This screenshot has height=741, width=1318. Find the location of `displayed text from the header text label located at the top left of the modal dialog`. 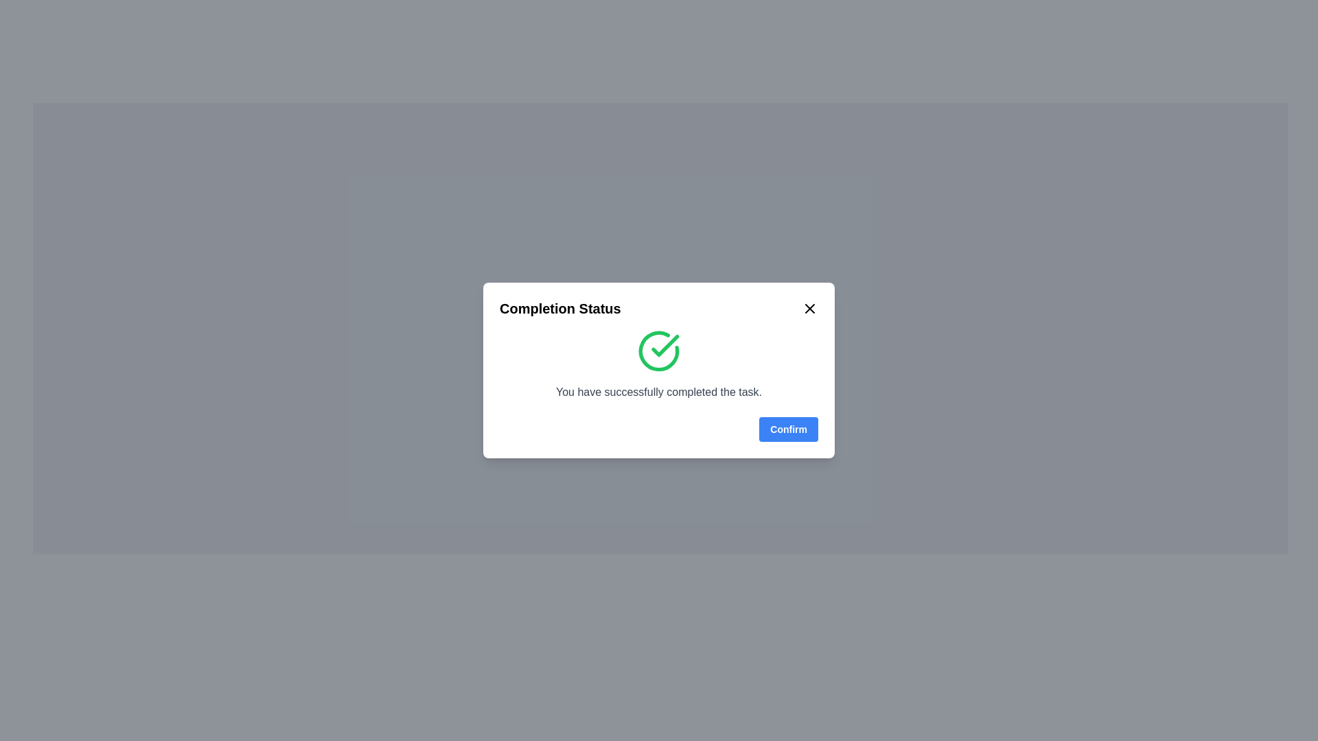

displayed text from the header text label located at the top left of the modal dialog is located at coordinates (560, 309).